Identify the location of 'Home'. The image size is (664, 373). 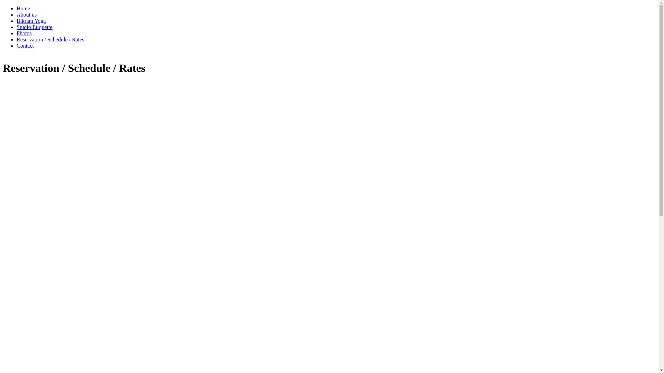
(23, 8).